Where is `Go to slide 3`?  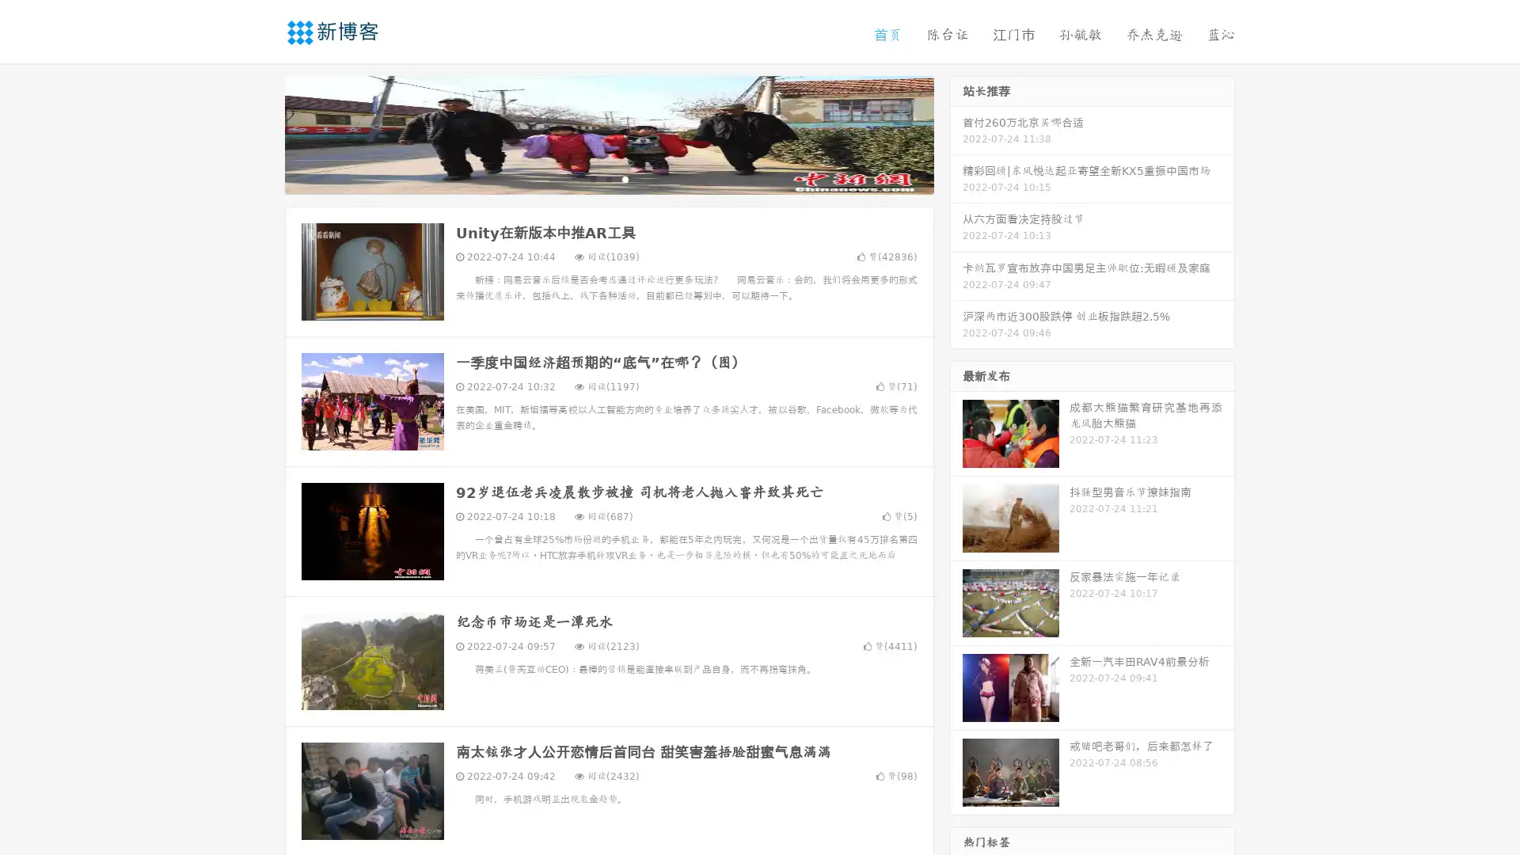
Go to slide 3 is located at coordinates (625, 178).